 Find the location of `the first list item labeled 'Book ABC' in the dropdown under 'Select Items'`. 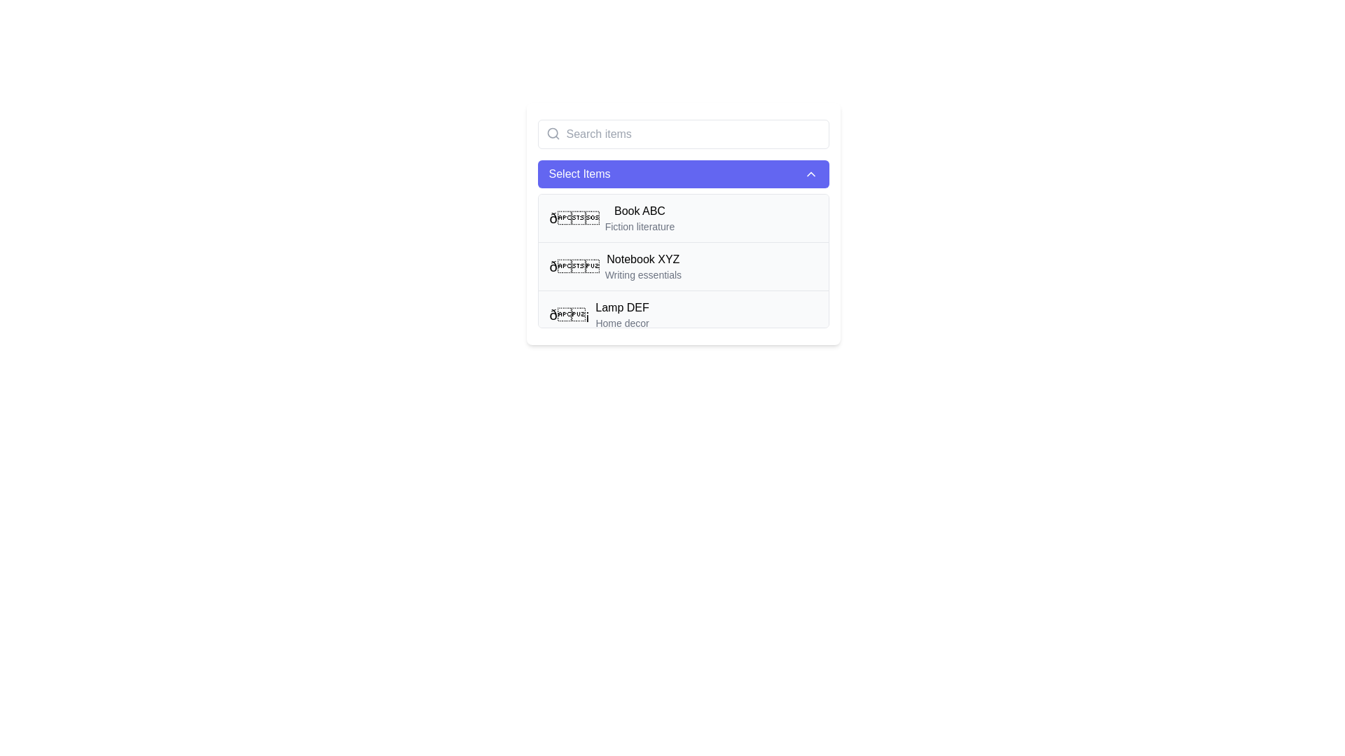

the first list item labeled 'Book ABC' in the dropdown under 'Select Items' is located at coordinates (683, 218).